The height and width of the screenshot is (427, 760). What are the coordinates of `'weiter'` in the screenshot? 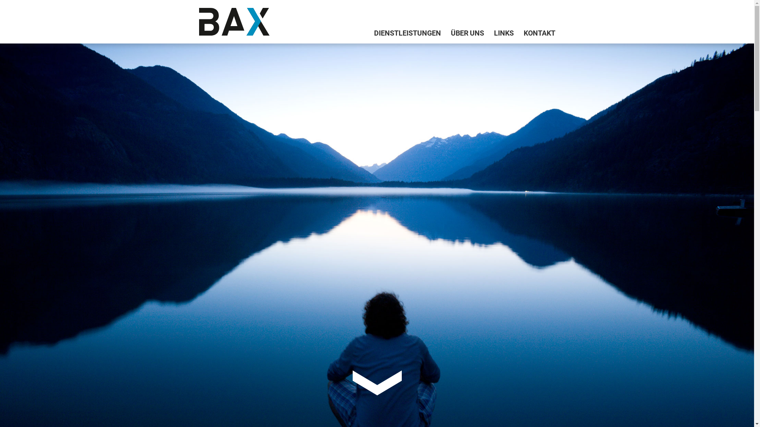 It's located at (376, 382).